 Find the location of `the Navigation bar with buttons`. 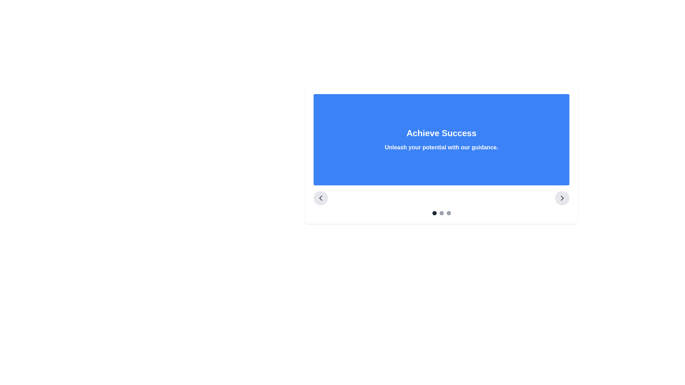

the Navigation bar with buttons is located at coordinates (441, 198).